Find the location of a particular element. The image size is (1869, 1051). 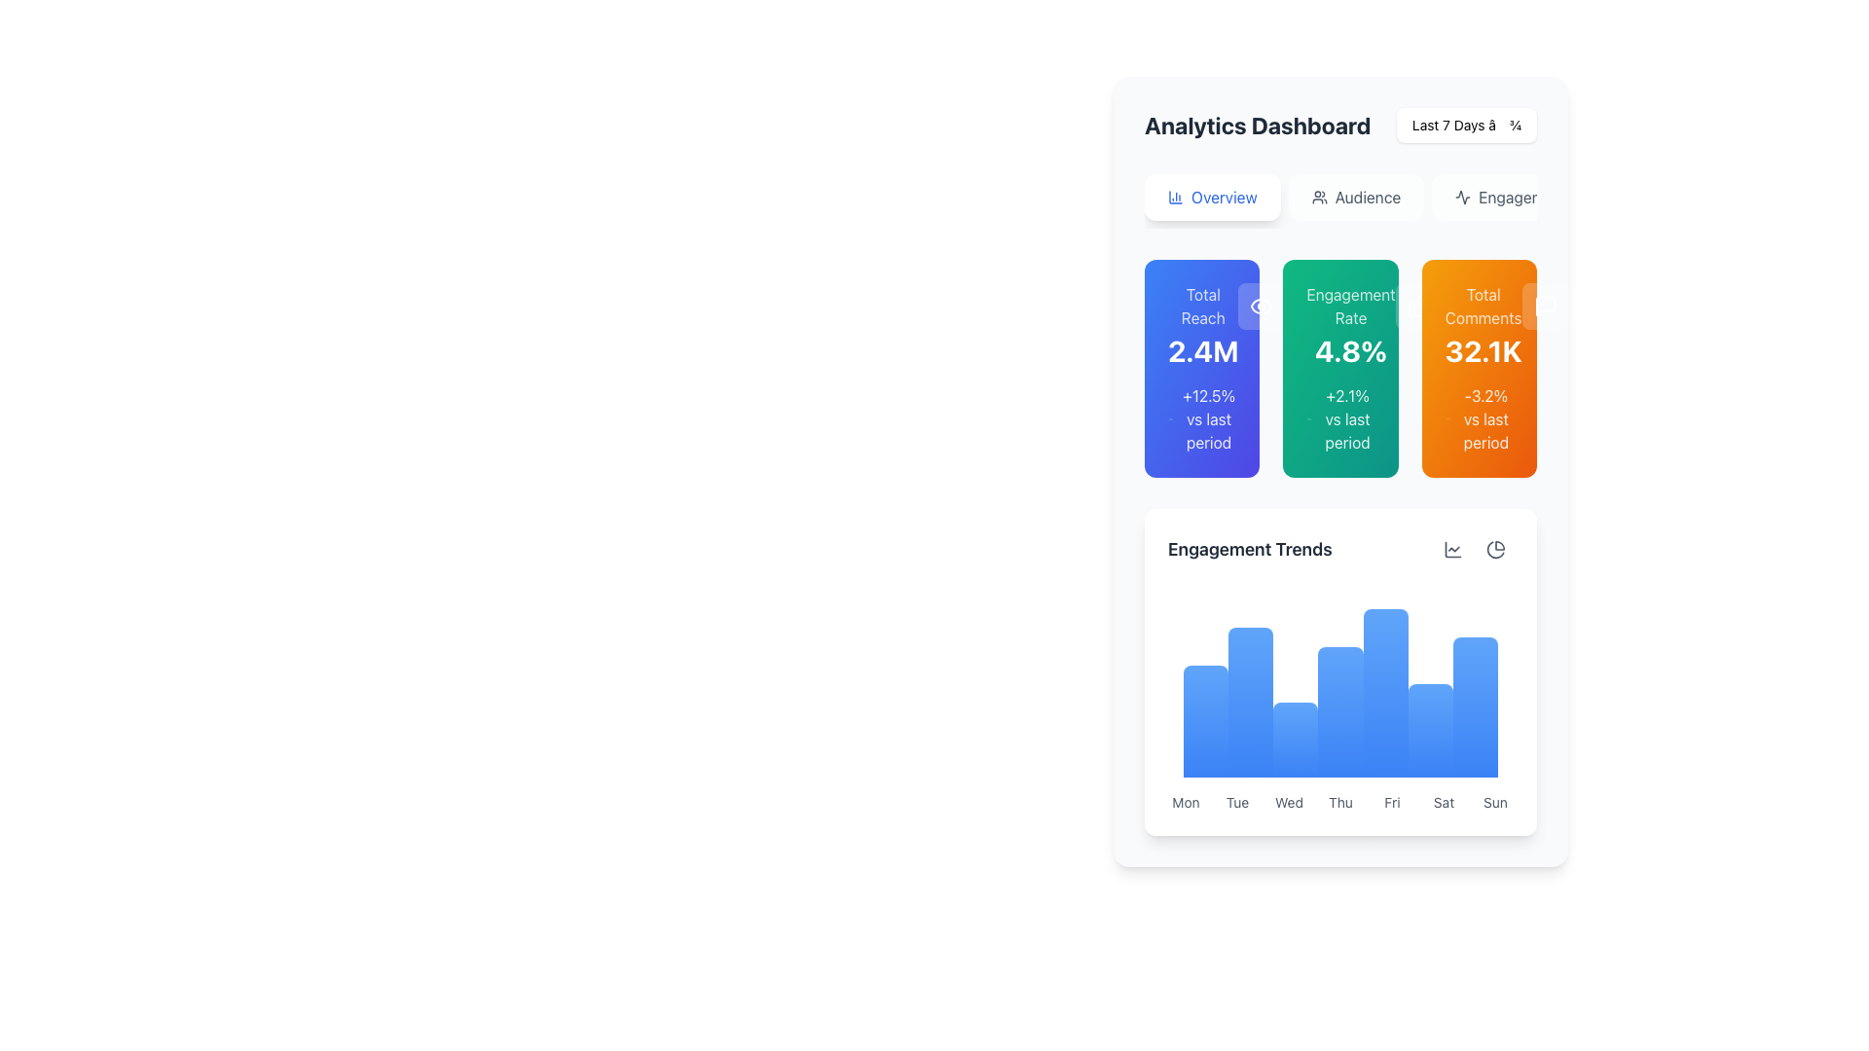

the upward-pointing chevron icon styled in light green color located to the left of the text '+12.5% vs last period' in the 'Total Reach' metric section on the dashboard is located at coordinates (1169, 418).